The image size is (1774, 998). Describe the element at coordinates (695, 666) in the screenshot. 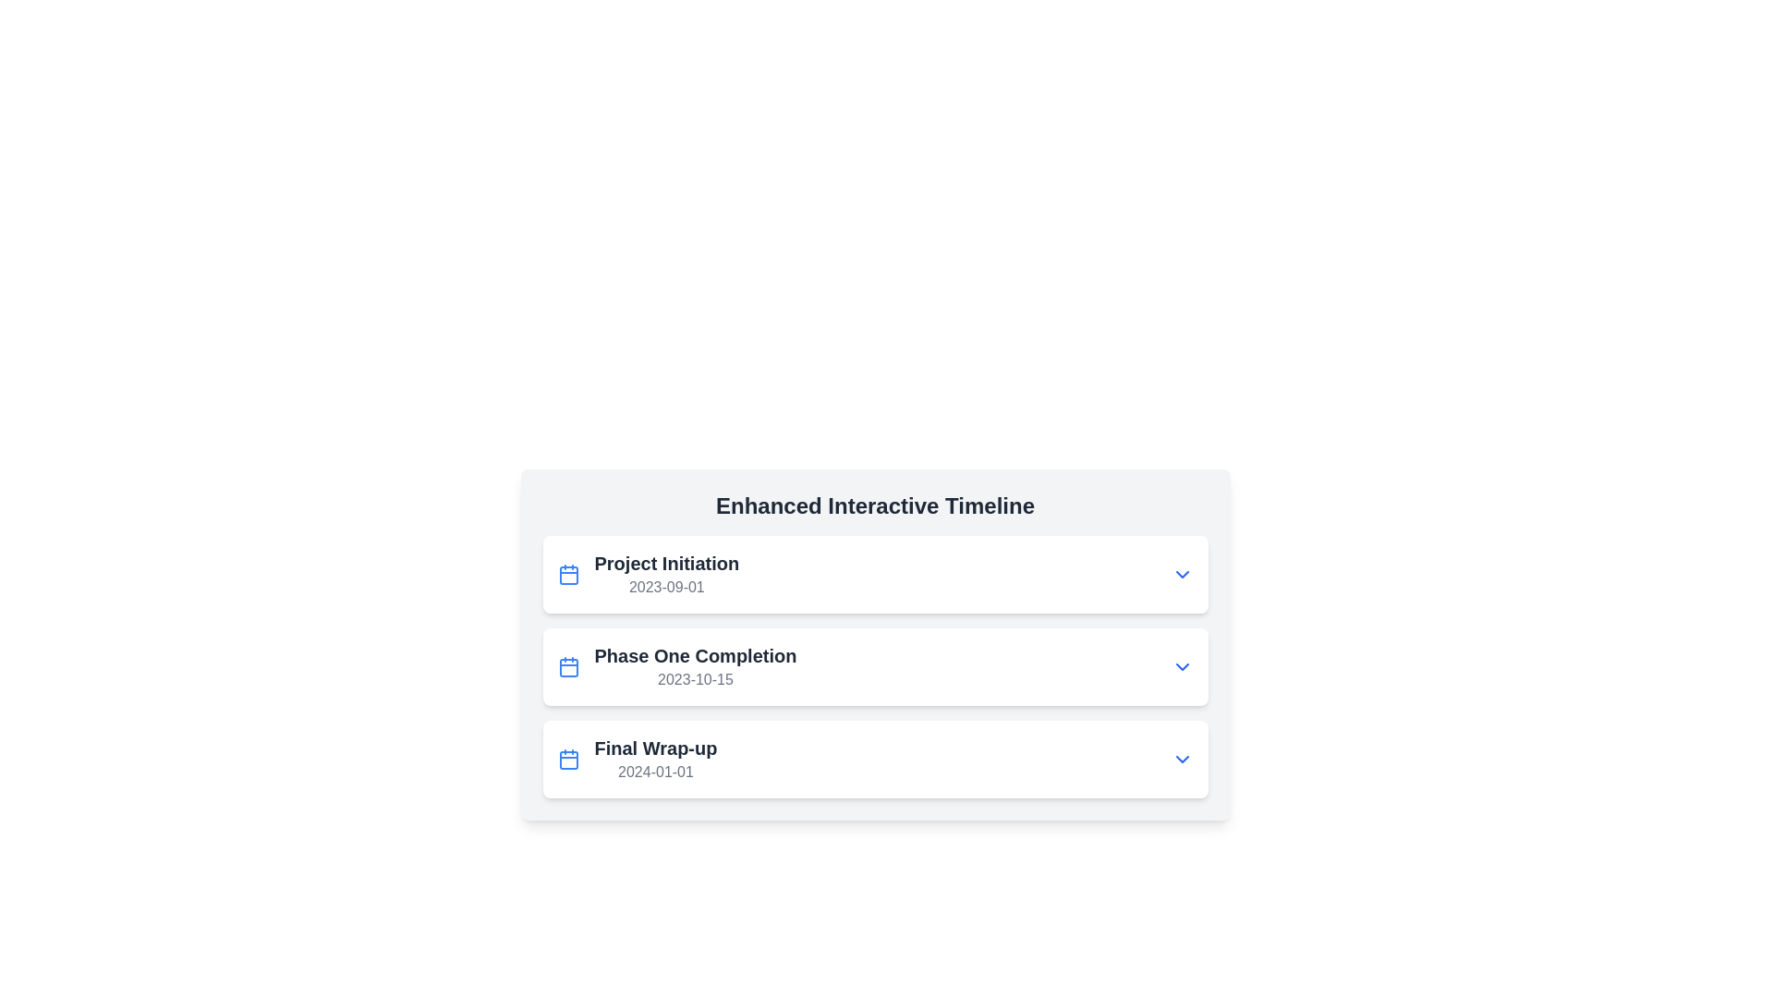

I see `the Text Label with Subtext displaying 'Phase One Completion' and '2023-10-15' in the second item of the vertical timeline interface` at that location.